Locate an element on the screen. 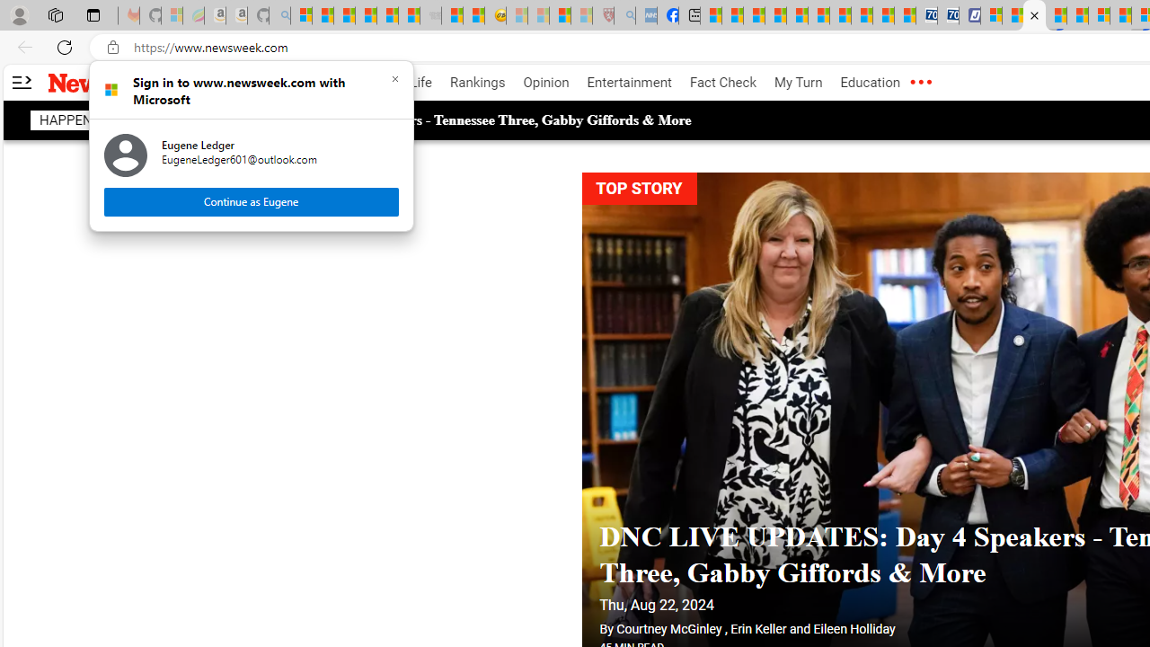 This screenshot has height=647, width=1150. 'Rankings' is located at coordinates (478, 83).